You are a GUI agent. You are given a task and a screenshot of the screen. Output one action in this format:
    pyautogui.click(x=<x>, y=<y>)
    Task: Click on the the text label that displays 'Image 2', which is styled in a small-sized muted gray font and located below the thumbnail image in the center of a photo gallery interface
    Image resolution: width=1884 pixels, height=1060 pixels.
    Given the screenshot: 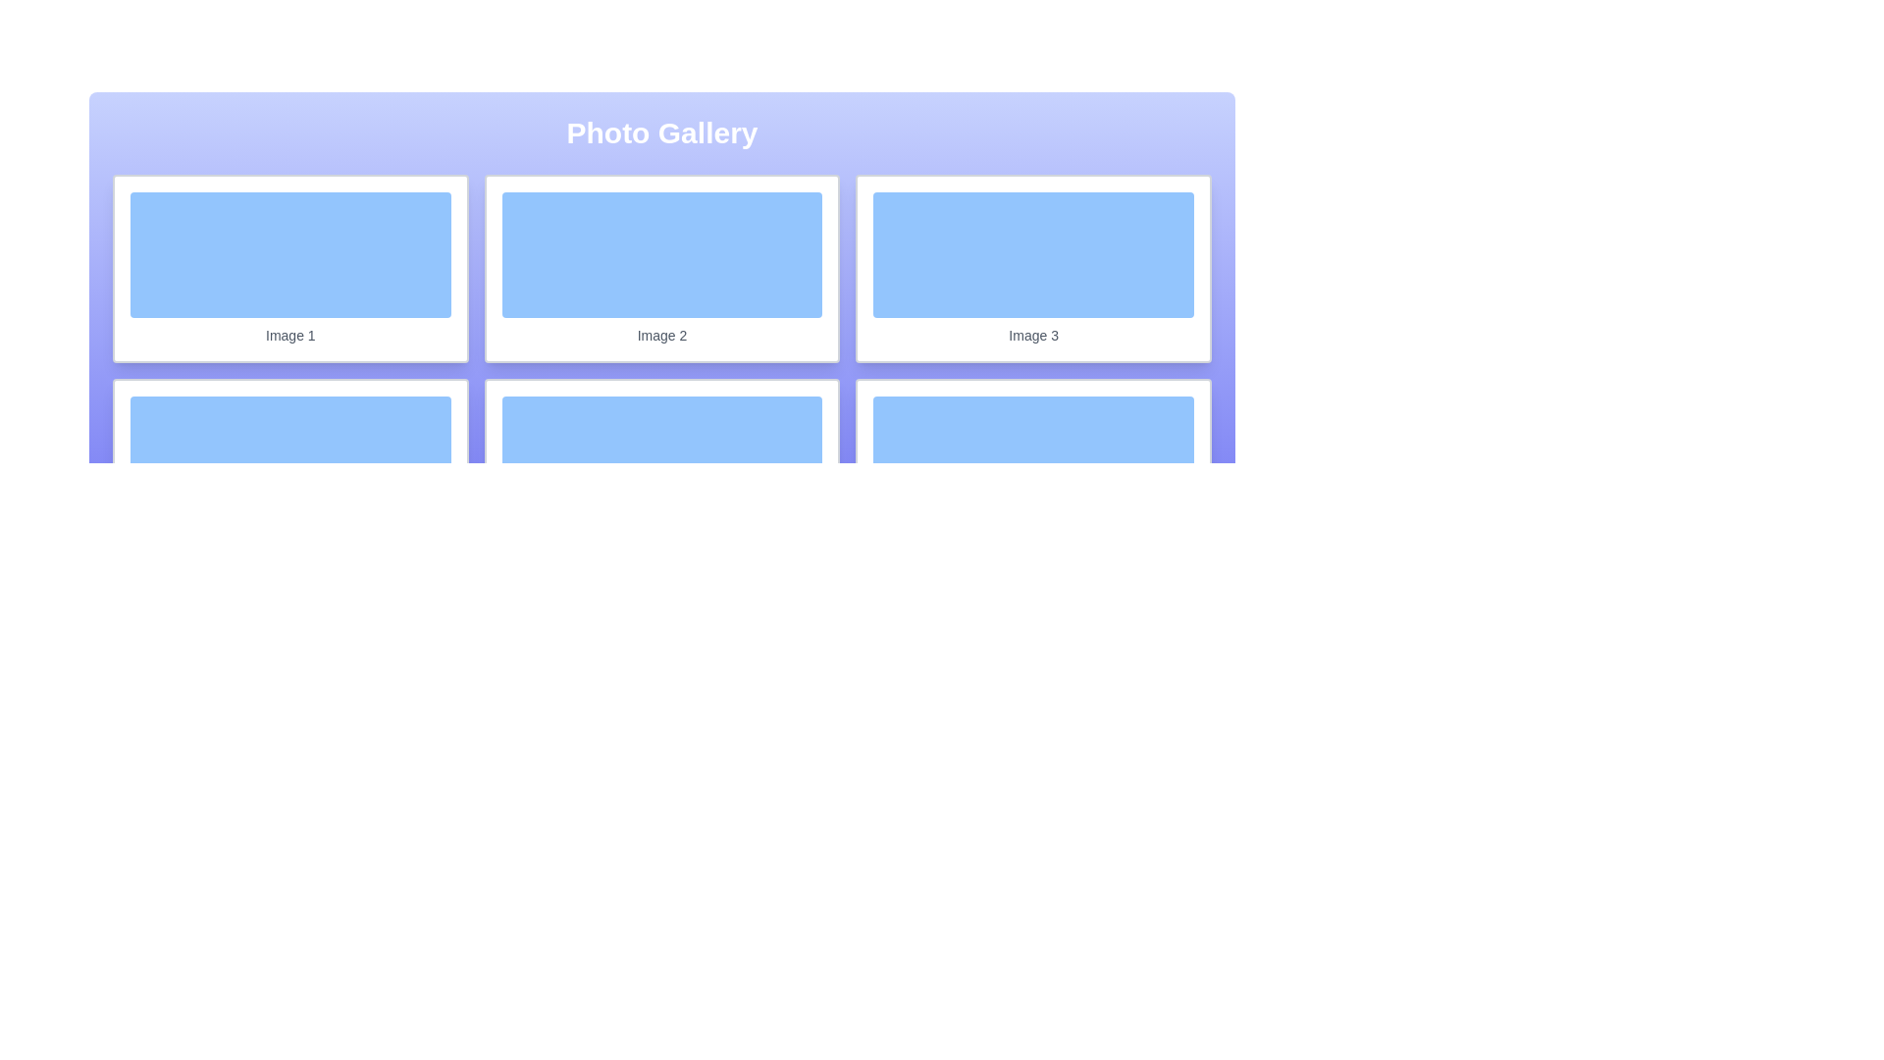 What is the action you would take?
    pyautogui.click(x=662, y=335)
    